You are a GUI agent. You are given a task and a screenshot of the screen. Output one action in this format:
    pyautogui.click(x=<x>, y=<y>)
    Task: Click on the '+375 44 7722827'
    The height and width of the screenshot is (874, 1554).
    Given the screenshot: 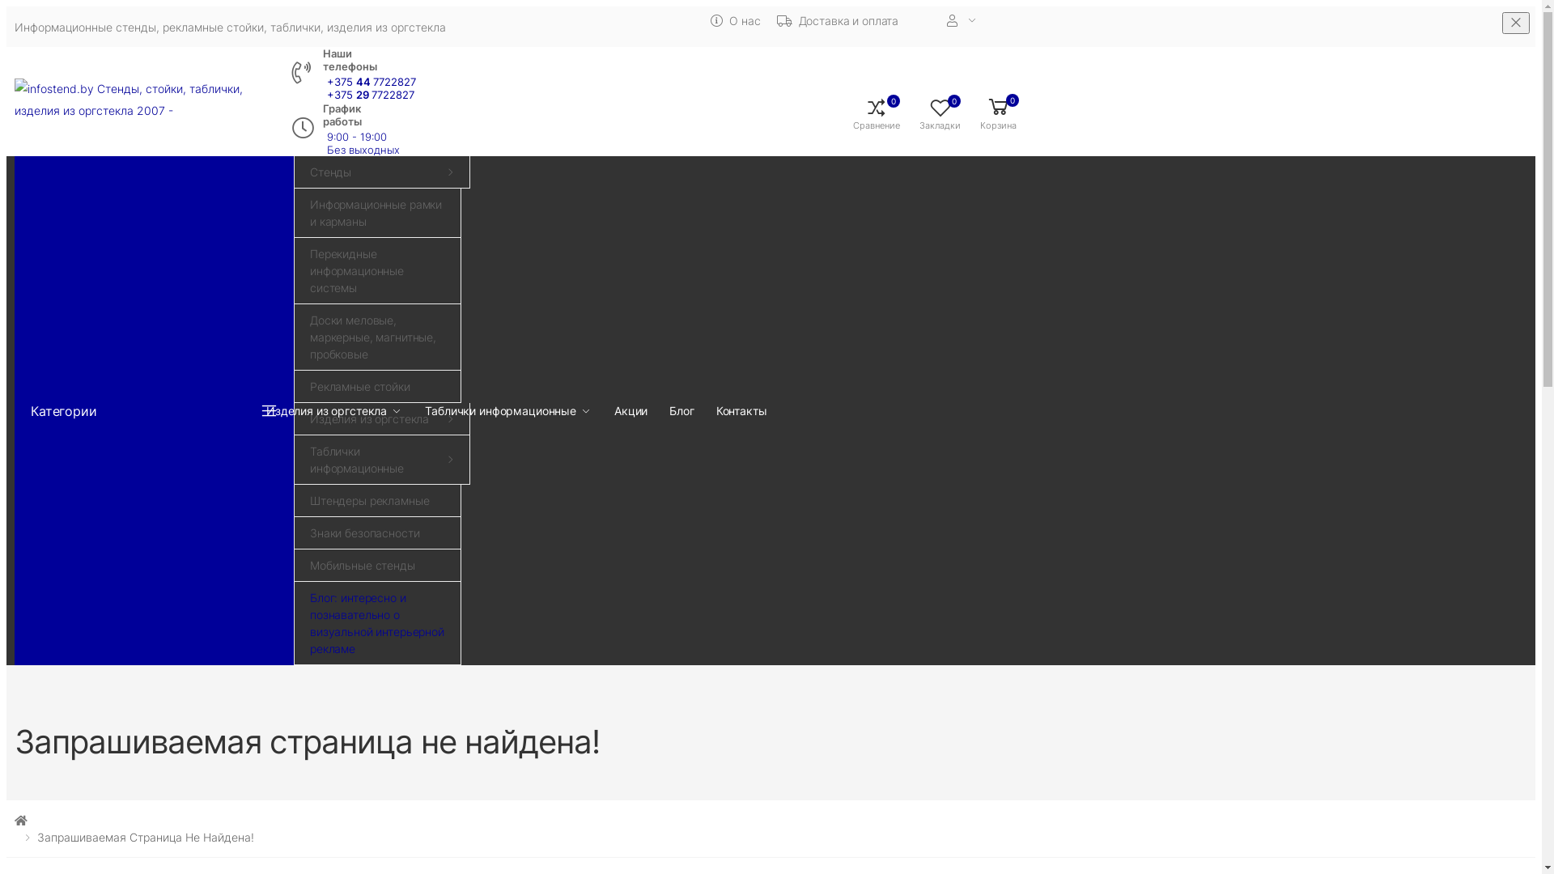 What is the action you would take?
    pyautogui.click(x=371, y=81)
    